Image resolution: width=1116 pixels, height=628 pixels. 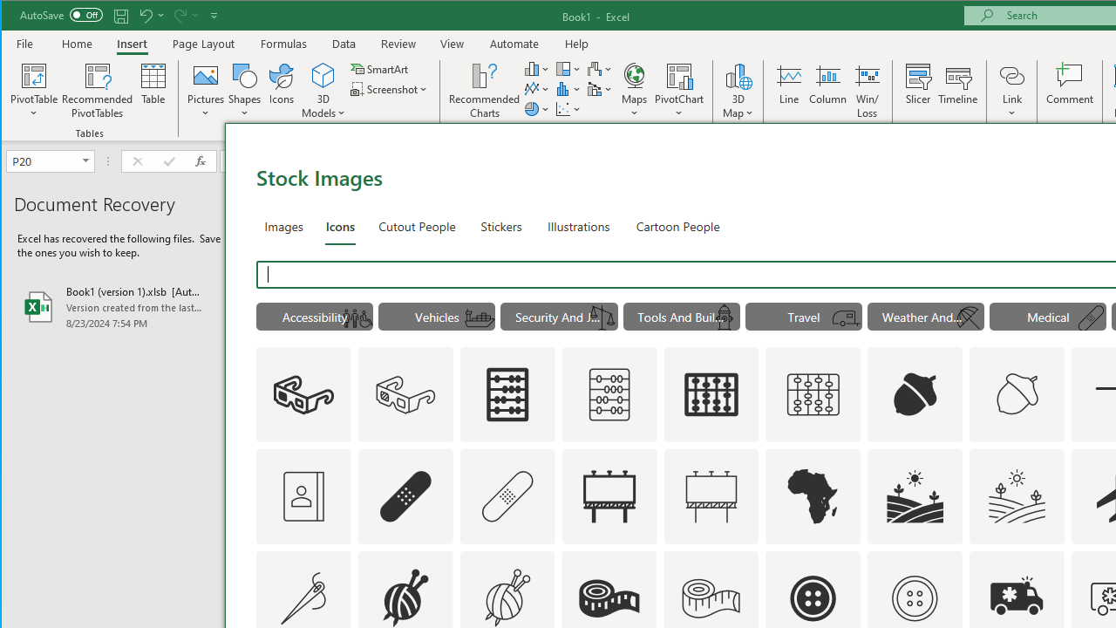 I want to click on 'Link', so click(x=1011, y=74).